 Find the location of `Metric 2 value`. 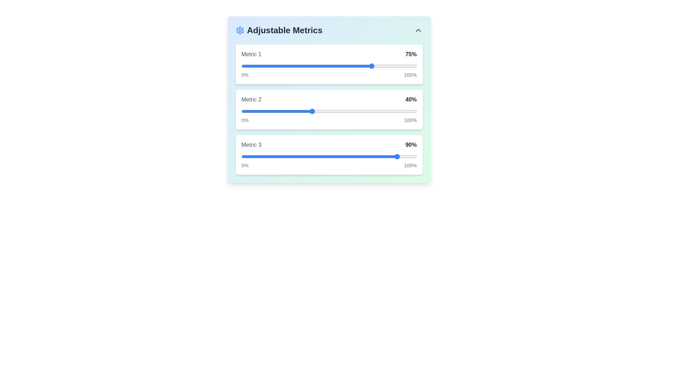

Metric 2 value is located at coordinates (385, 111).